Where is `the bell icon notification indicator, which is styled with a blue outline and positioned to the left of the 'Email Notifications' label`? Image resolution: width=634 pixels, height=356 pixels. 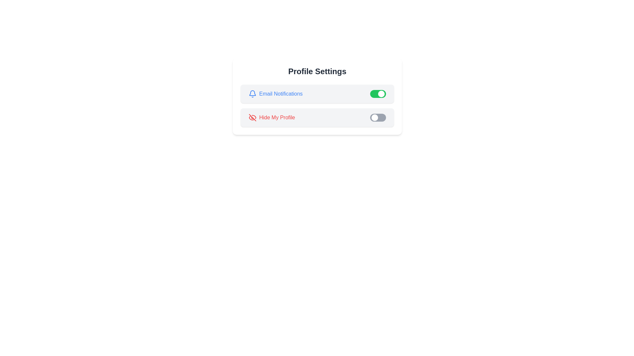 the bell icon notification indicator, which is styled with a blue outline and positioned to the left of the 'Email Notifications' label is located at coordinates (252, 94).